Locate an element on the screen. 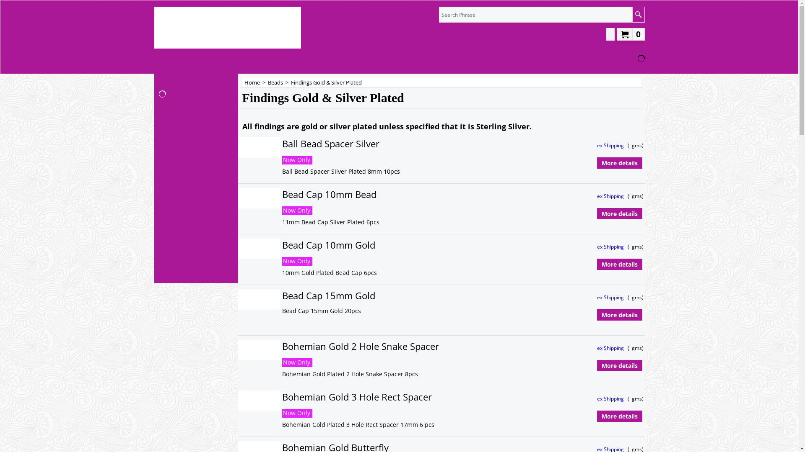 Image resolution: width=805 pixels, height=452 pixels. 'Ball Bead Spacer Silver' is located at coordinates (409, 143).